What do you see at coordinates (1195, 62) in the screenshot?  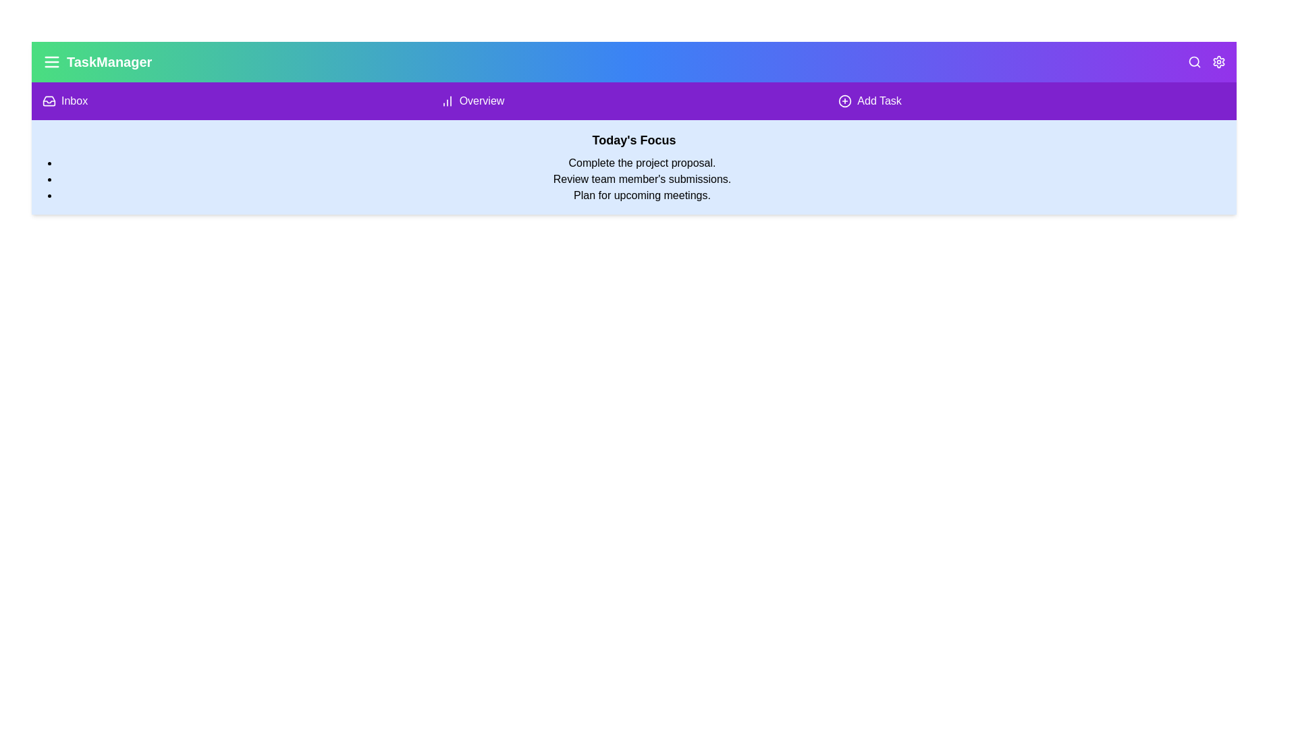 I see `the search icon to initiate a search operation` at bounding box center [1195, 62].